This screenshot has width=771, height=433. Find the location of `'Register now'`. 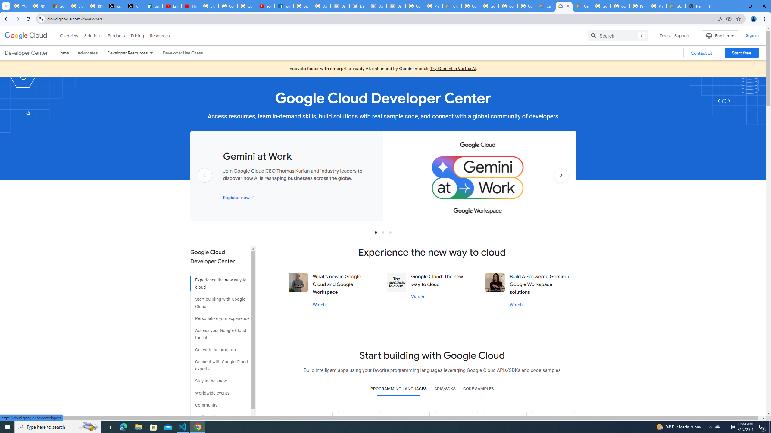

'Register now' is located at coordinates (239, 197).